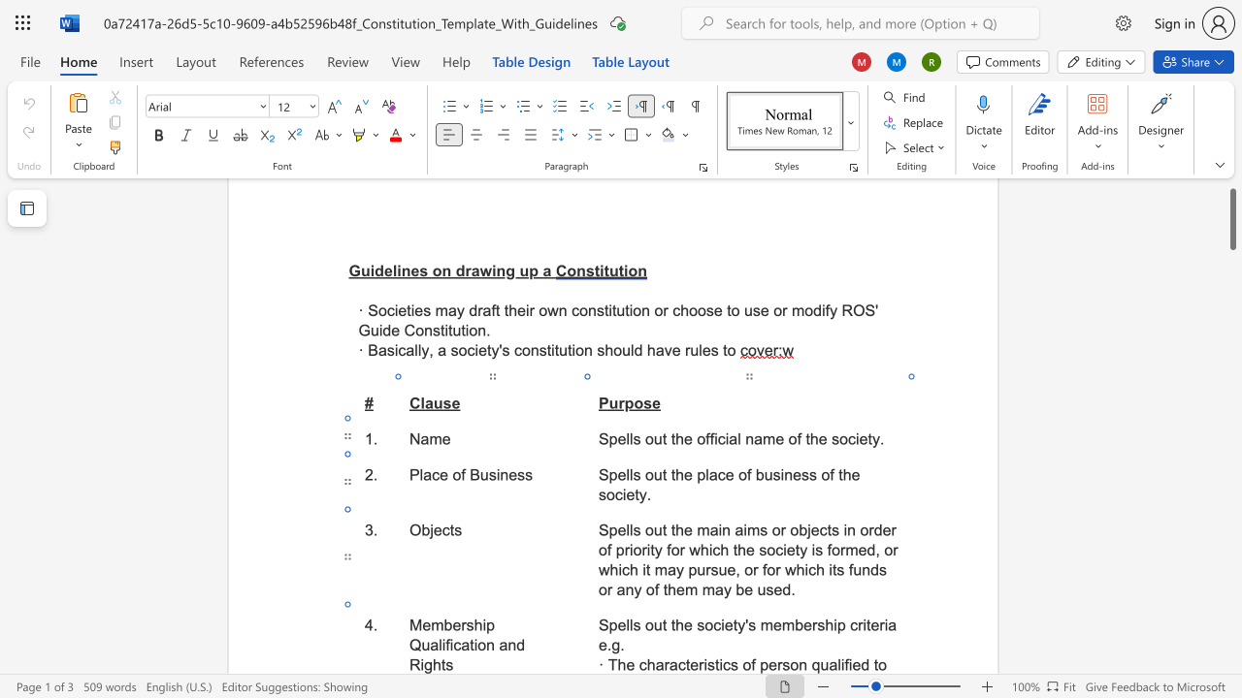  What do you see at coordinates (469, 645) in the screenshot?
I see `the space between the continuous character "a" and "t" in the text` at bounding box center [469, 645].